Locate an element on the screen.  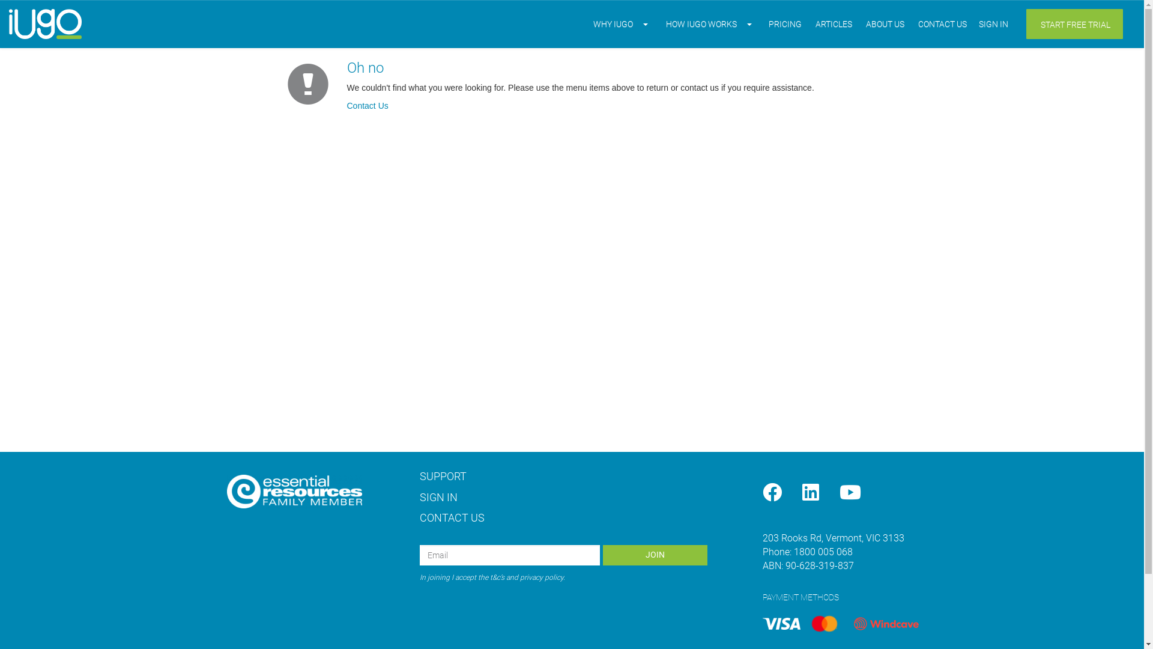
'ABOUT US' is located at coordinates (885, 23).